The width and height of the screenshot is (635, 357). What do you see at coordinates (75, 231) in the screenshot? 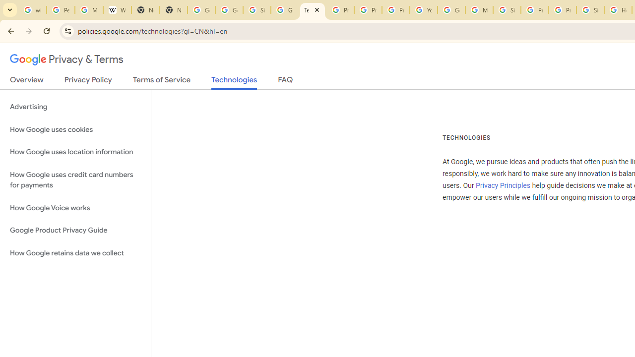
I see `'Google Product Privacy Guide'` at bounding box center [75, 231].